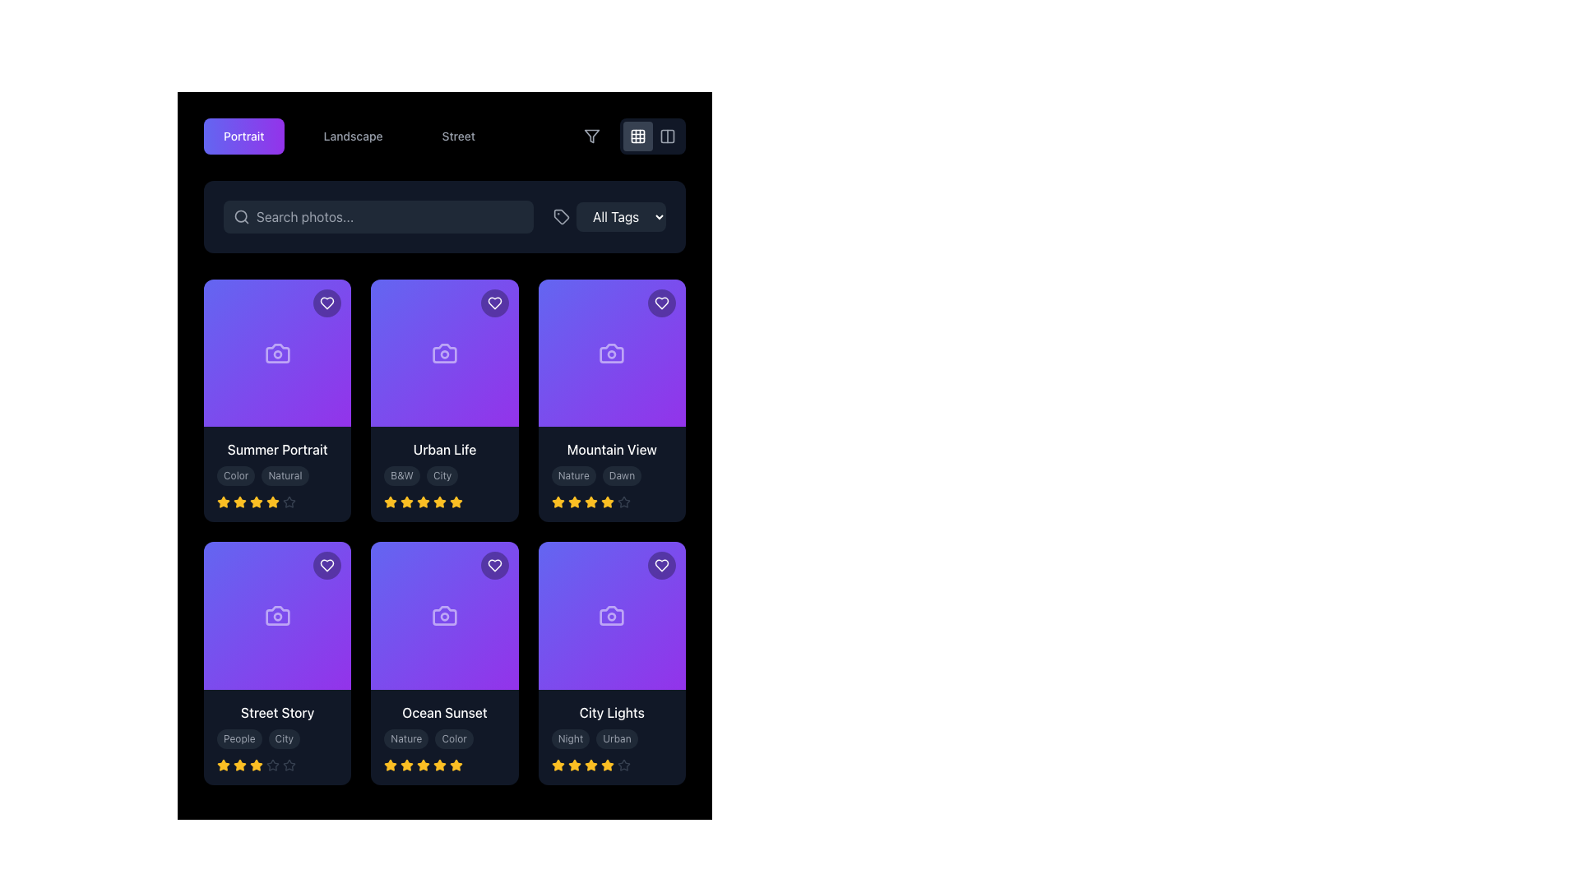  What do you see at coordinates (590, 765) in the screenshot?
I see `the fifth star icon in the rating system associated with the 'City Lights' card, which is represented with a filled amber appearance` at bounding box center [590, 765].